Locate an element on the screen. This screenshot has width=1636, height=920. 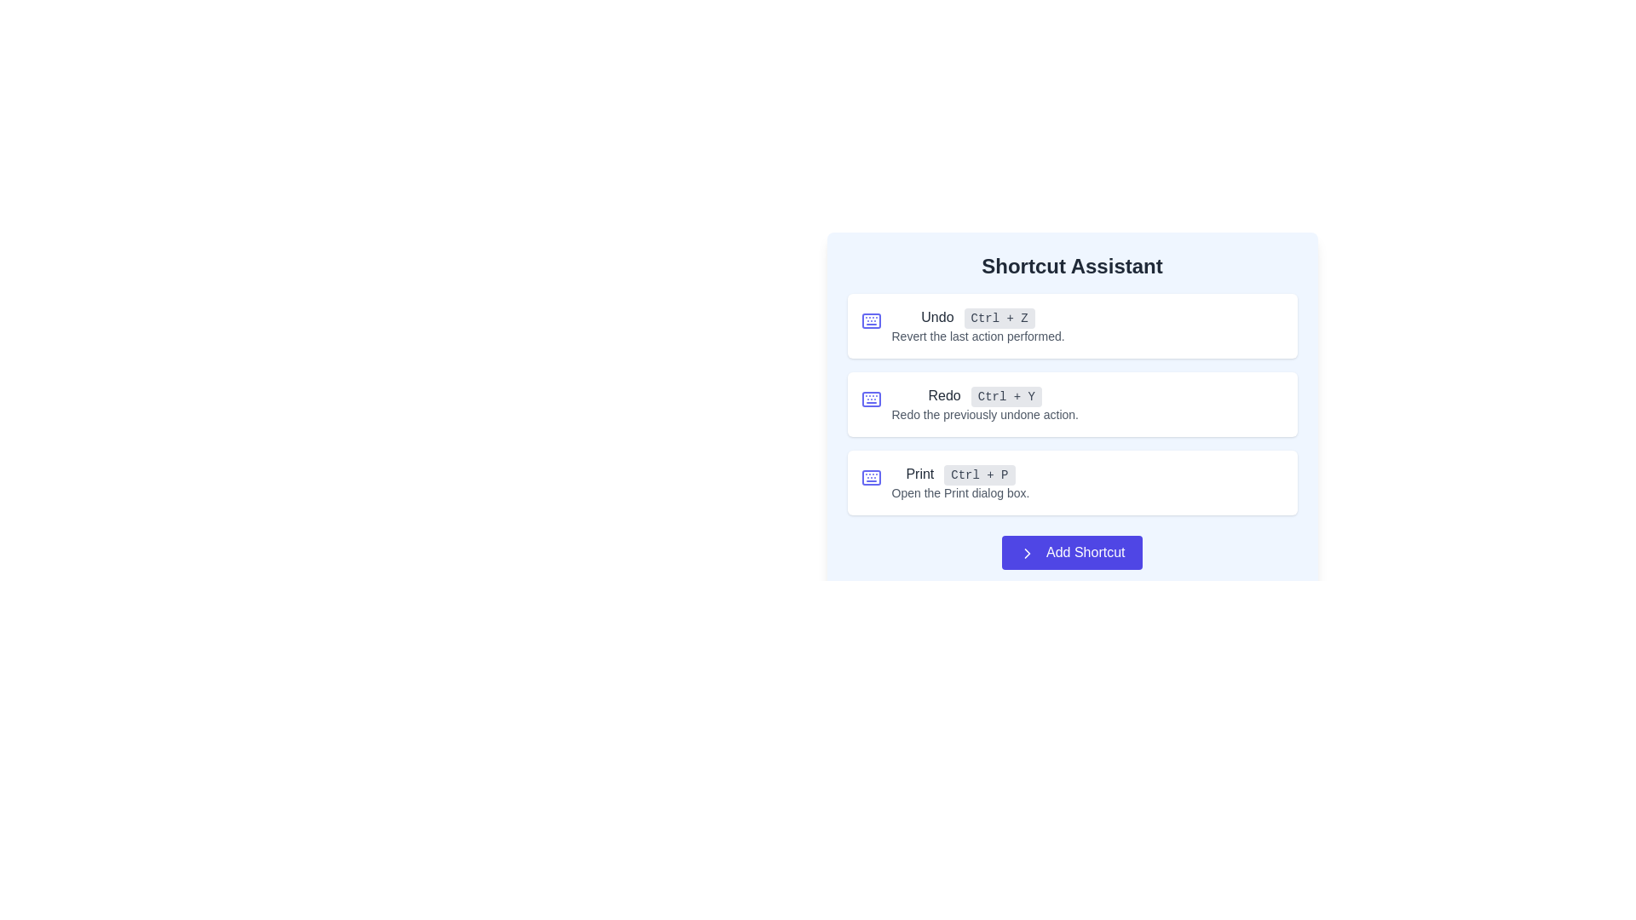
the icon located to the left of the 'Add Shortcut' button, which serves as a visual indicator for navigation or a forward action is located at coordinates (1027, 553).